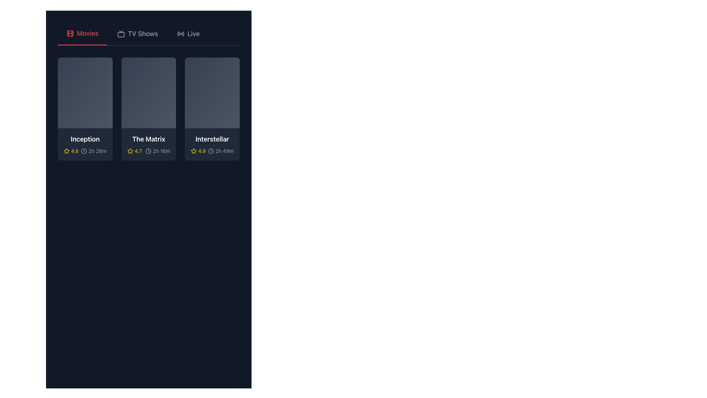 Image resolution: width=707 pixels, height=398 pixels. I want to click on the 'Movies' text label in the navigation bar, which is prominently displayed in bold red font, so click(88, 34).